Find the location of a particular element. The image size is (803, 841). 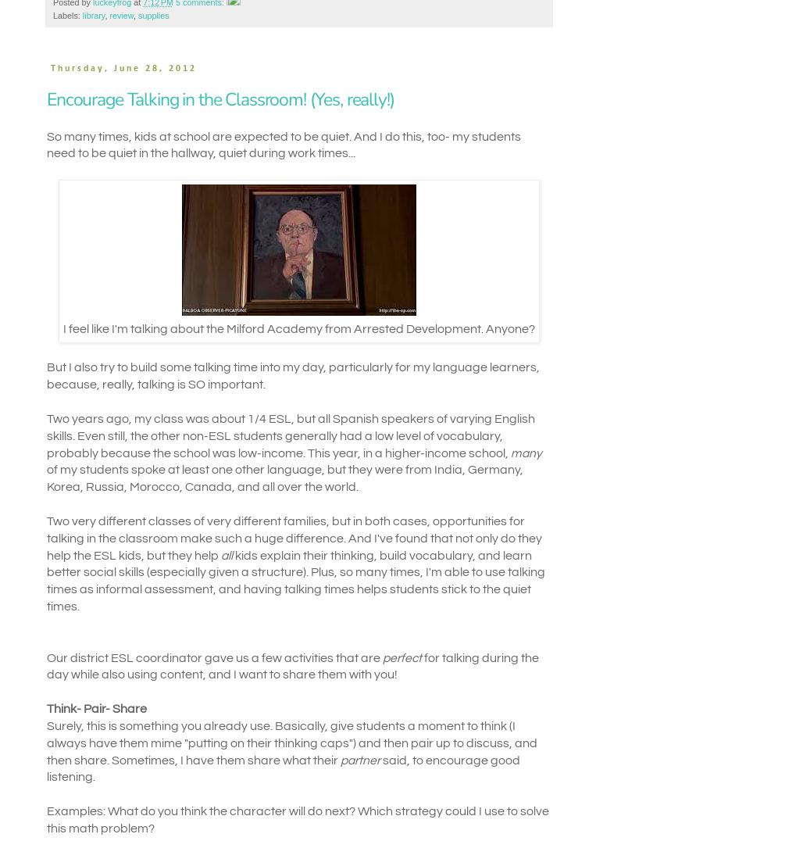

'Two years ago, my class was about 1/4 ESL, but all Spanish speakers of varying English skills. Even still, the other non-ESL students generally had a low level of vocabulary, probably because the school was low-income. This year, in a higher-income school,' is located at coordinates (290, 435).